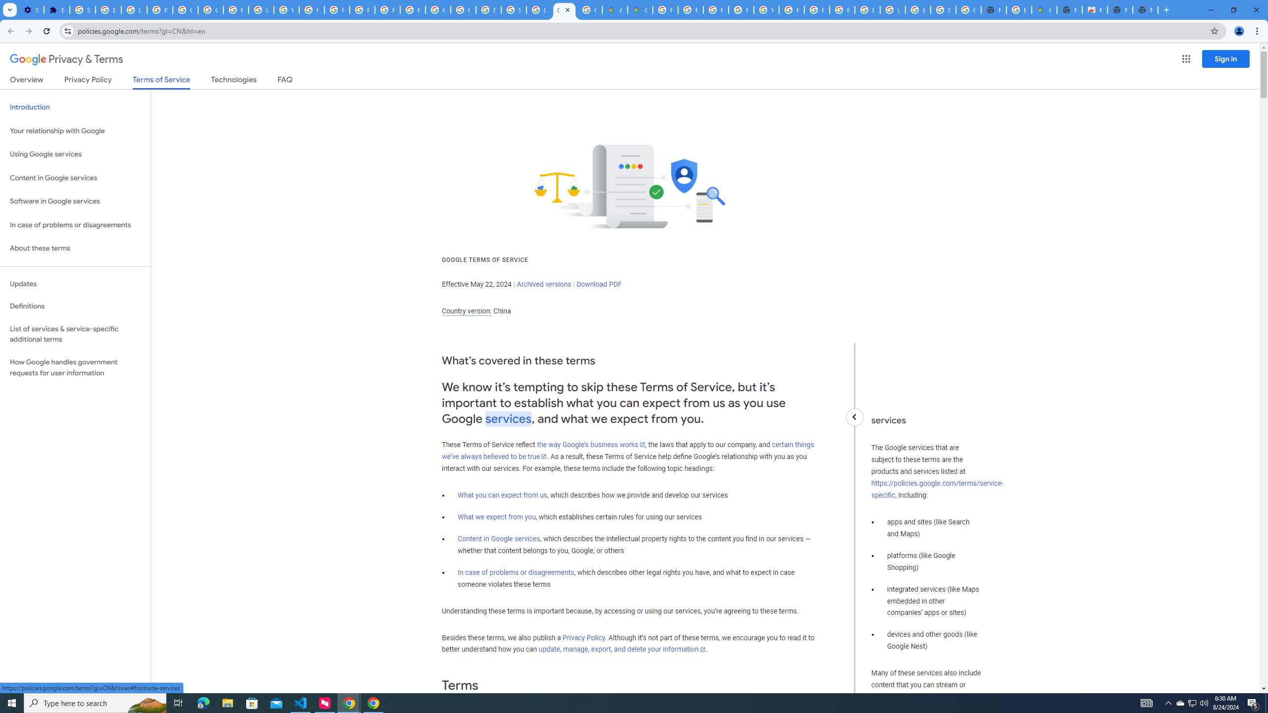  I want to click on 'Country version:', so click(466, 311).